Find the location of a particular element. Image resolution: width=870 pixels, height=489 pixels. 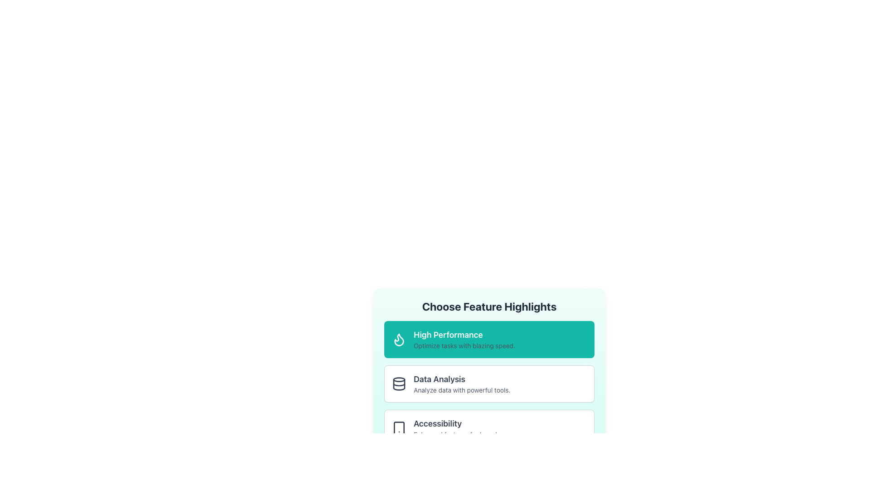

the Text Label that provides insight into the 'Data Analysis' feature, located directly beneath its section title is located at coordinates (462, 389).